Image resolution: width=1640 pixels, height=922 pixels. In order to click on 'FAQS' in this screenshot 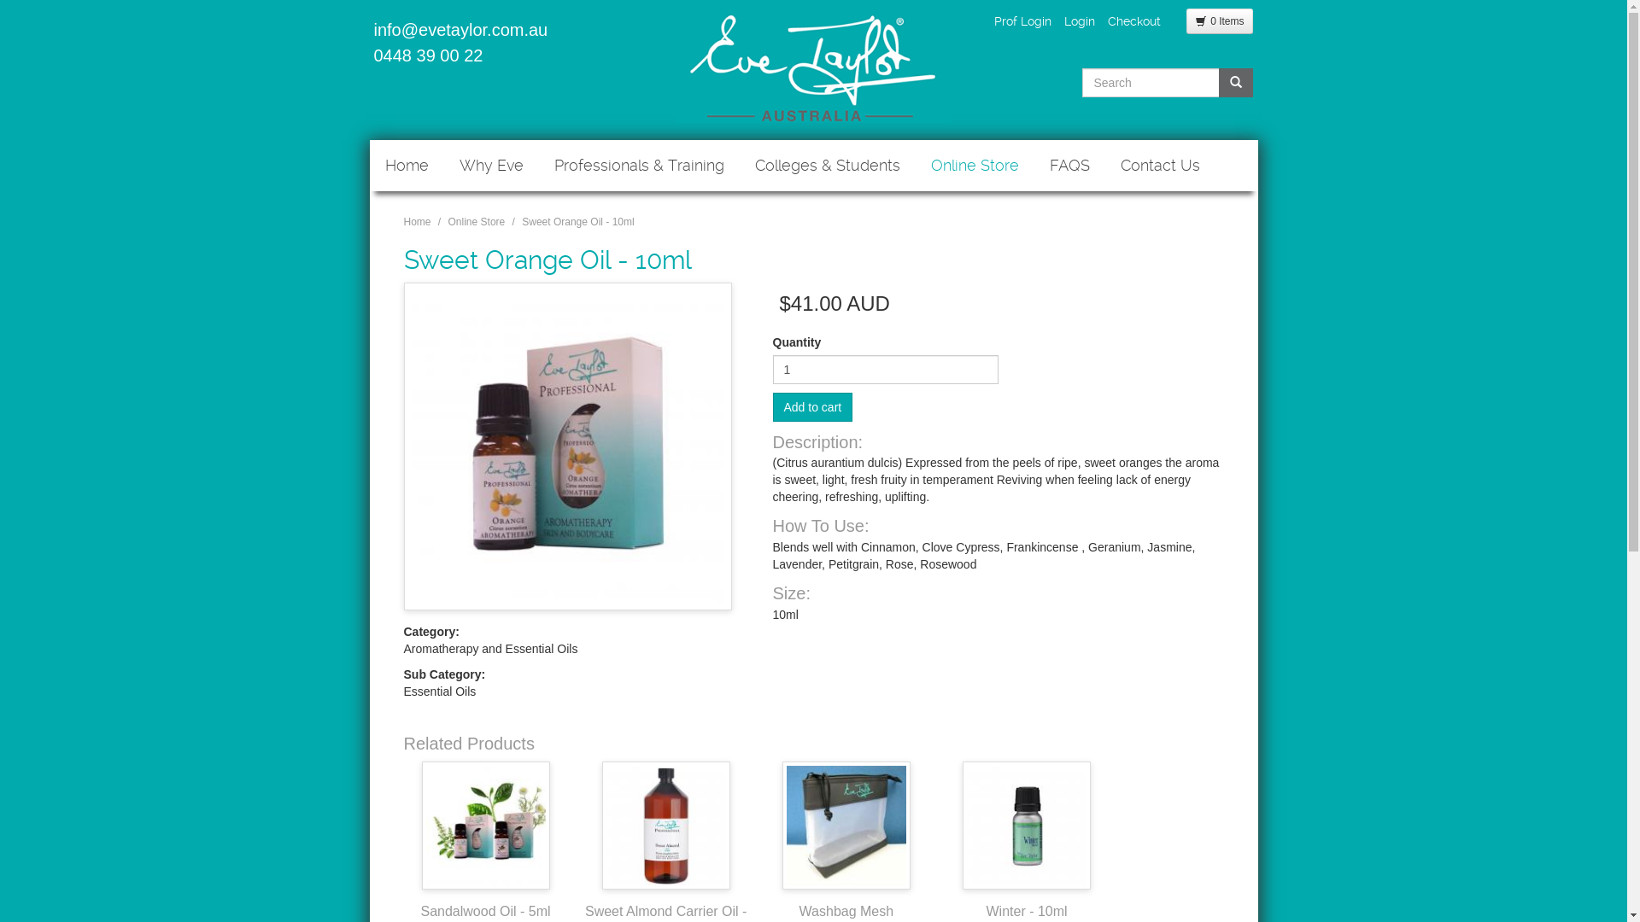, I will do `click(1032, 165)`.